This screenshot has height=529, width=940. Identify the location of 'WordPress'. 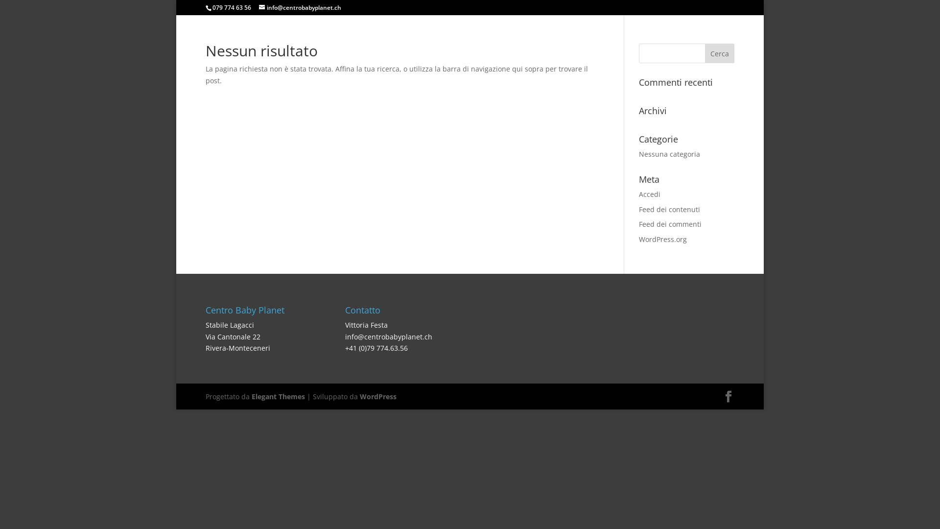
(377, 396).